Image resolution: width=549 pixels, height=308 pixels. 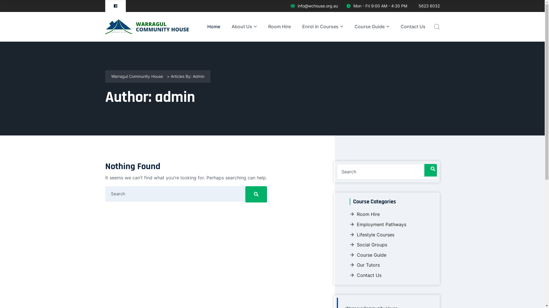 What do you see at coordinates (377, 224) in the screenshot?
I see `'Employment Pathways'` at bounding box center [377, 224].